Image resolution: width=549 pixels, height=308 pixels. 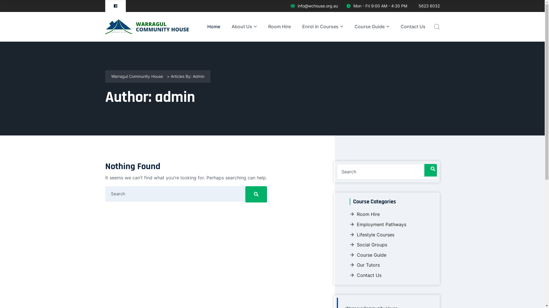 What do you see at coordinates (377, 224) in the screenshot?
I see `'Employment Pathways'` at bounding box center [377, 224].